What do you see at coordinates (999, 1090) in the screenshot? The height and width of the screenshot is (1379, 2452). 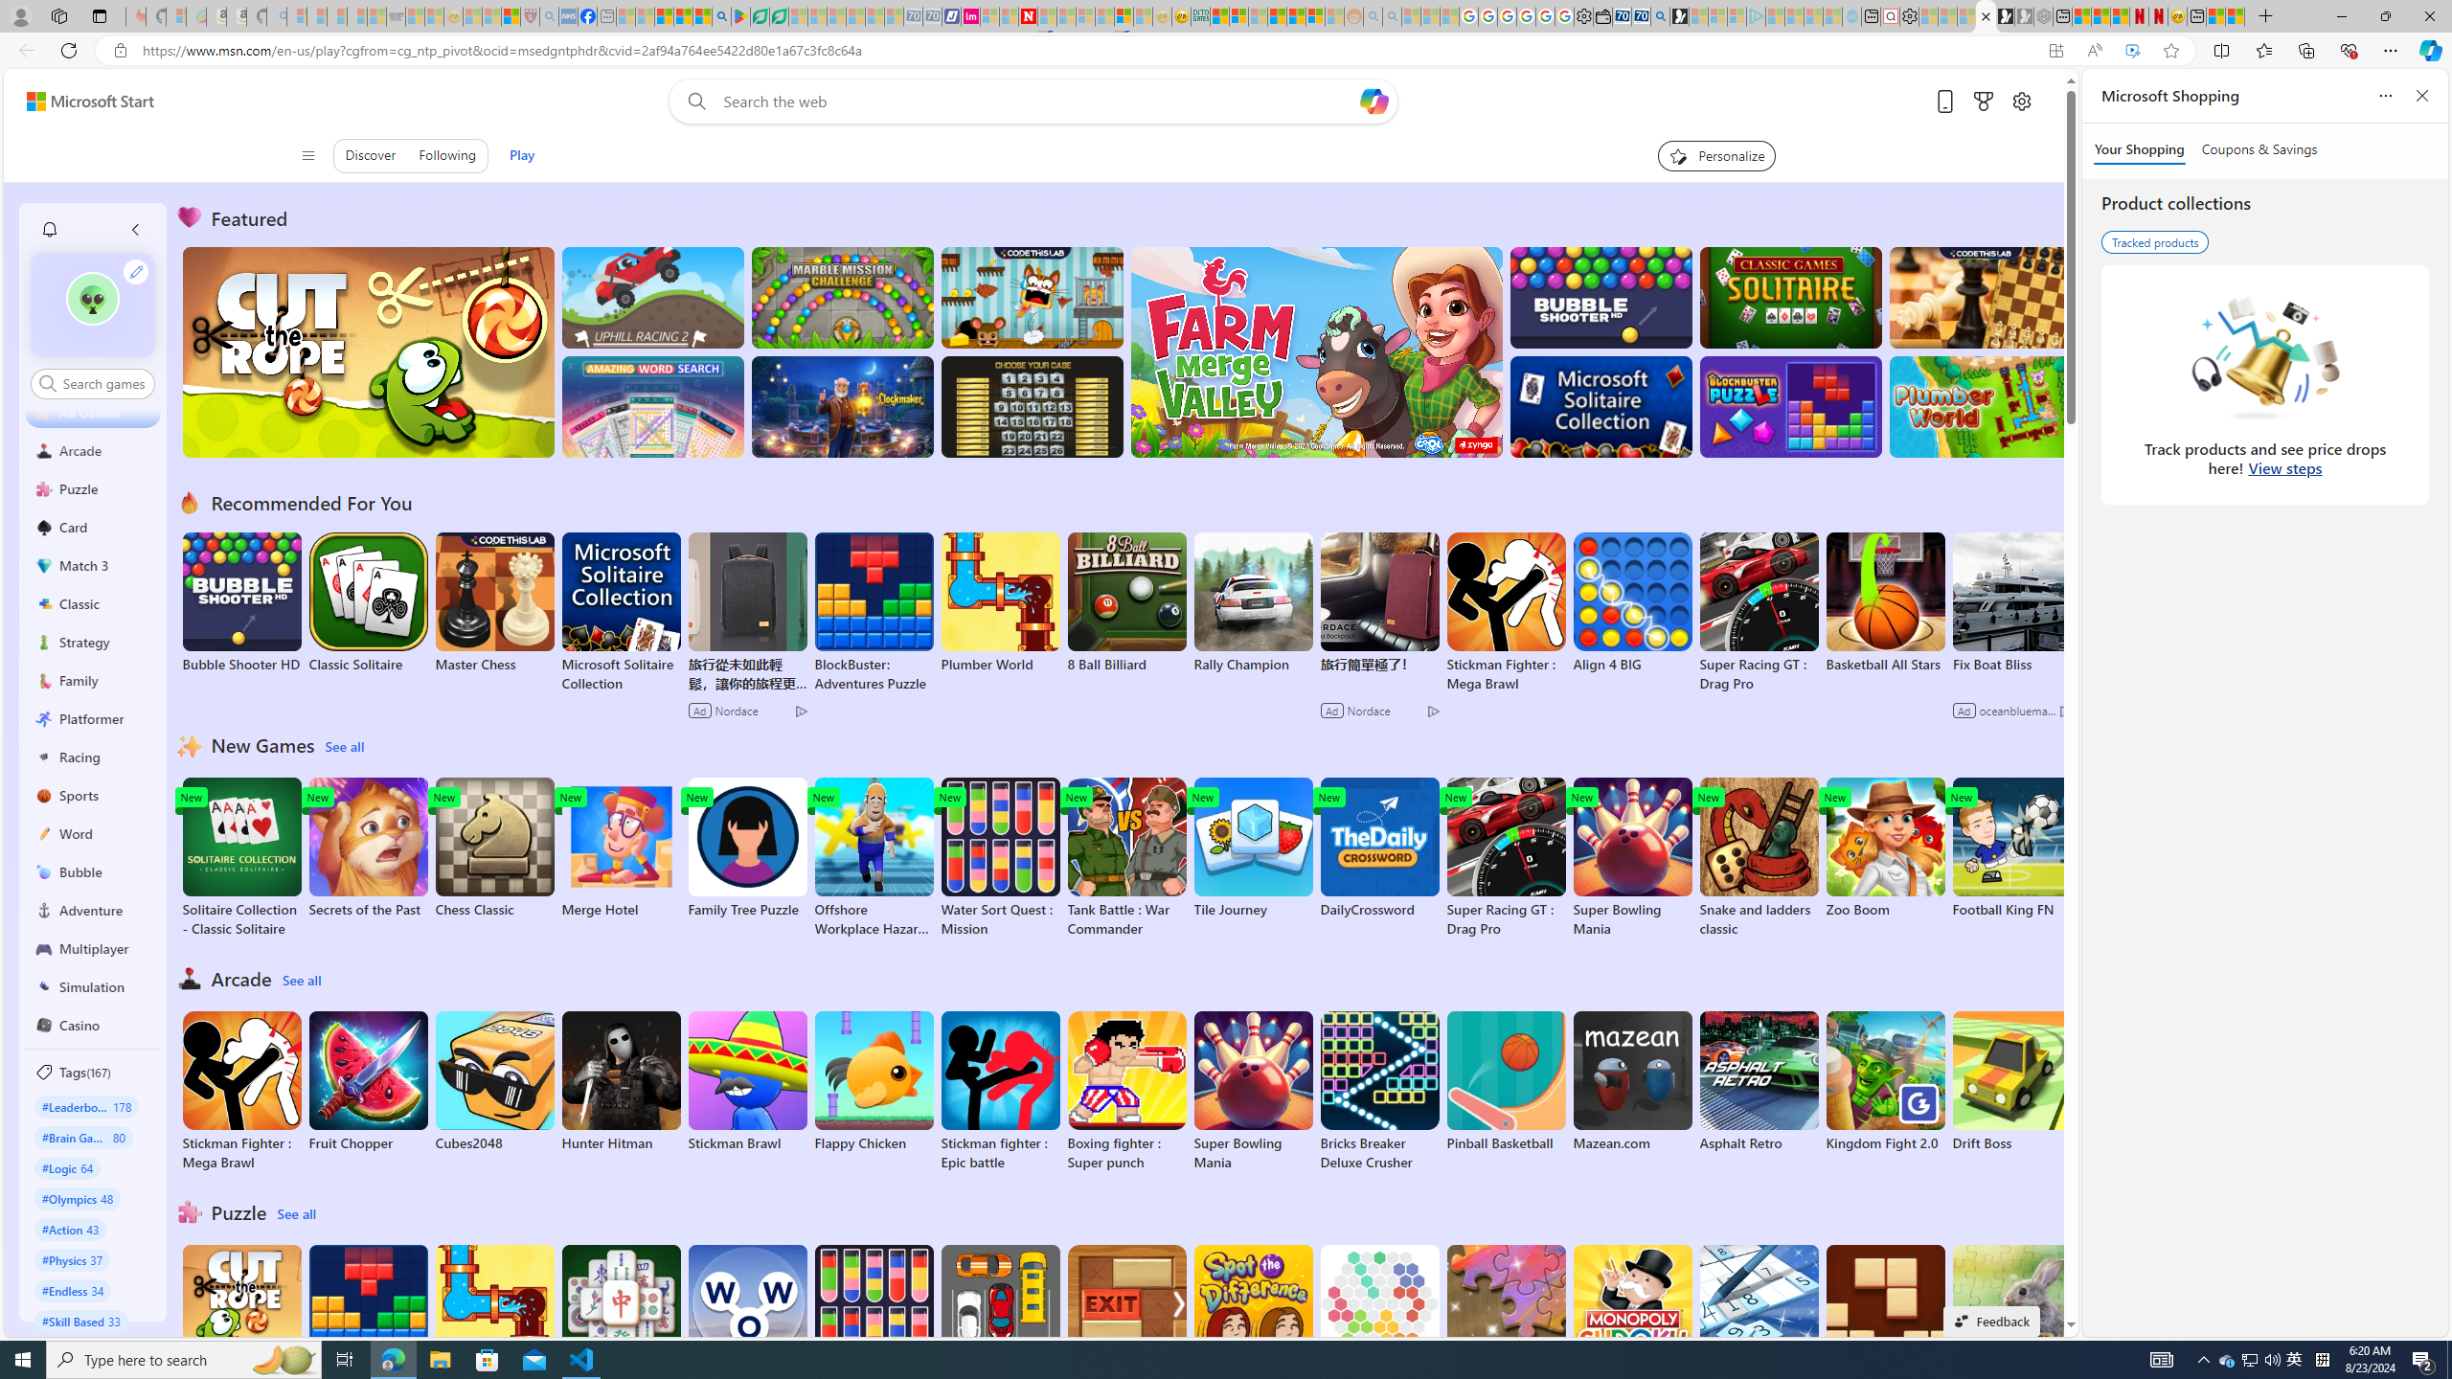 I see `'Stickman fighter : Epic battle'` at bounding box center [999, 1090].